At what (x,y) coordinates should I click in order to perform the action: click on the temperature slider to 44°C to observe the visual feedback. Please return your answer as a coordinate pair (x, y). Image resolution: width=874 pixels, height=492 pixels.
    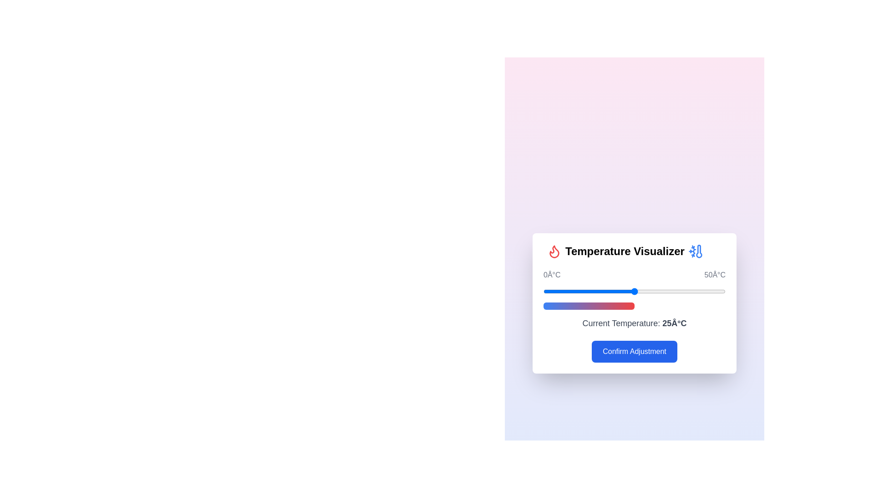
    Looking at the image, I should click on (703, 292).